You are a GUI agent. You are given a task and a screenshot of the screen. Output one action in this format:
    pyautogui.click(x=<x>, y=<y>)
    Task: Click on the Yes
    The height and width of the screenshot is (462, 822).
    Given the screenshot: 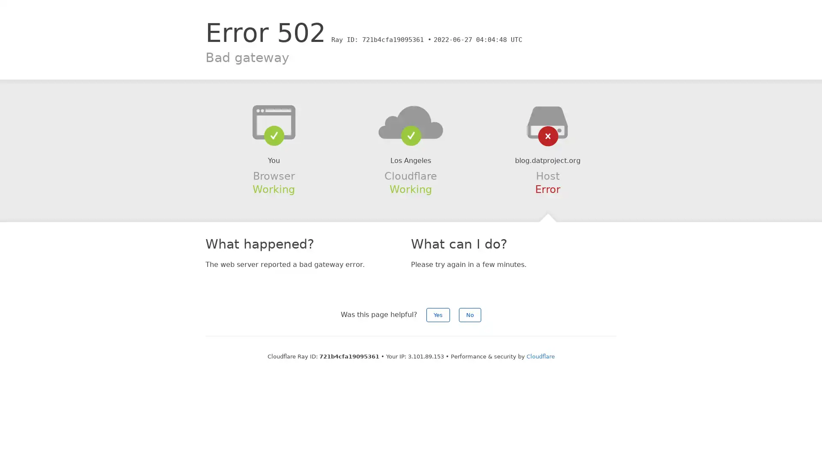 What is the action you would take?
    pyautogui.click(x=438, y=315)
    